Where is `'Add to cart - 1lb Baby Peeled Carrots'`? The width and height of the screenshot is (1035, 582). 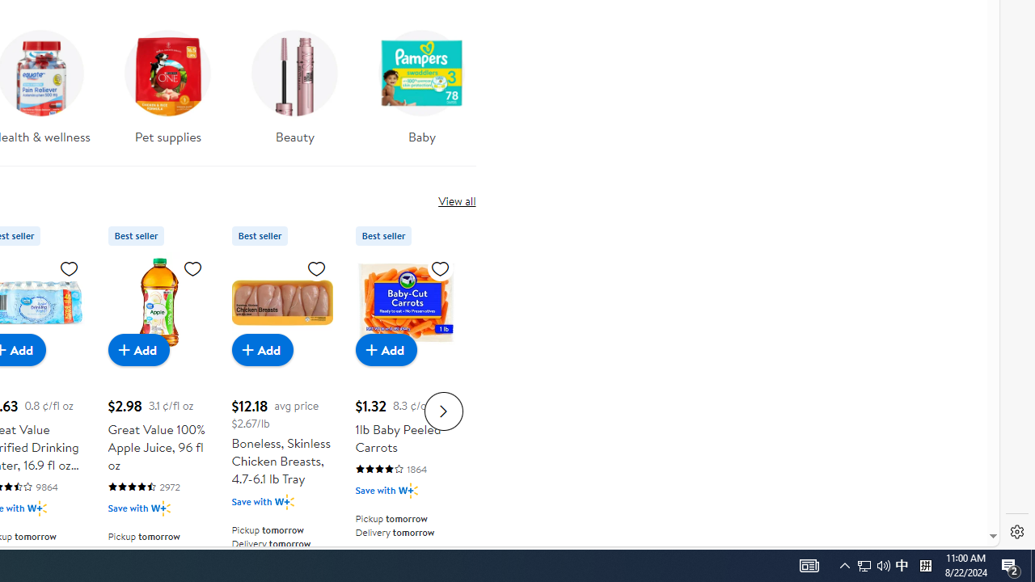 'Add to cart - 1lb Baby Peeled Carrots' is located at coordinates (386, 348).